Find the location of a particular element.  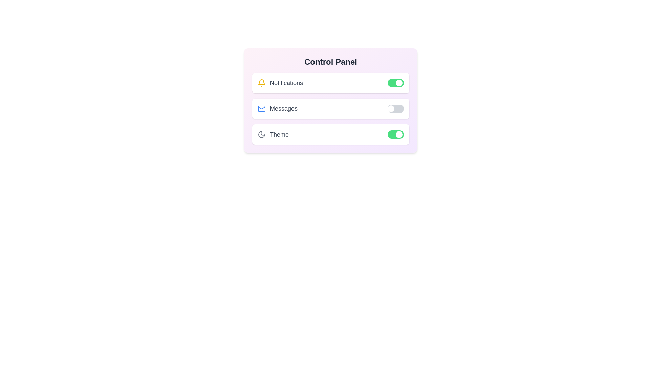

the SVG icon that represents the notification setting, located to the left of the 'Notifications' label in the top row of the control panel is located at coordinates (261, 82).